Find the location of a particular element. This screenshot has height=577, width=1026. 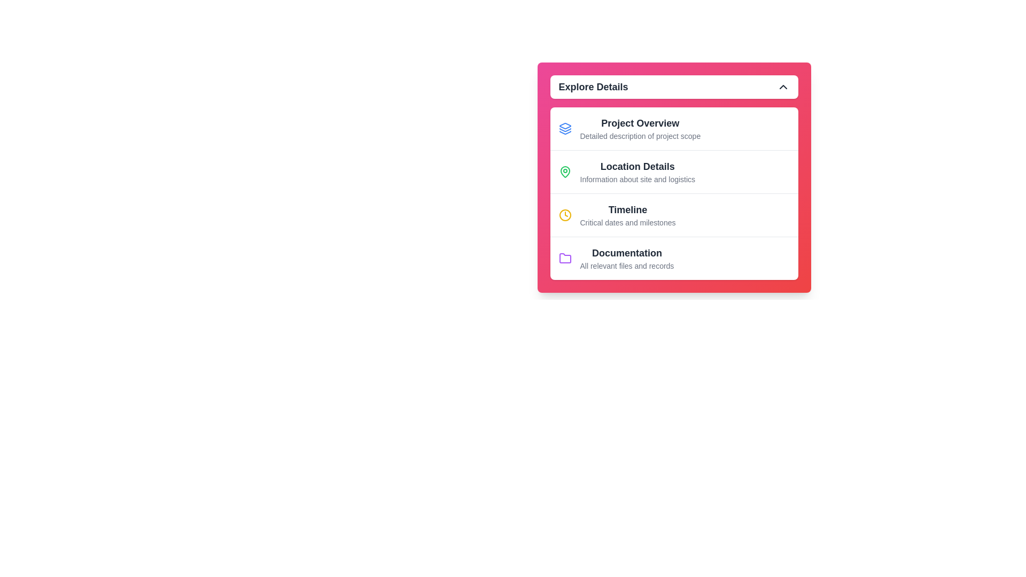

descriptive text label located beneath the bold text 'Location Details' in the 'Explore Details' dropdown section is located at coordinates (638, 178).